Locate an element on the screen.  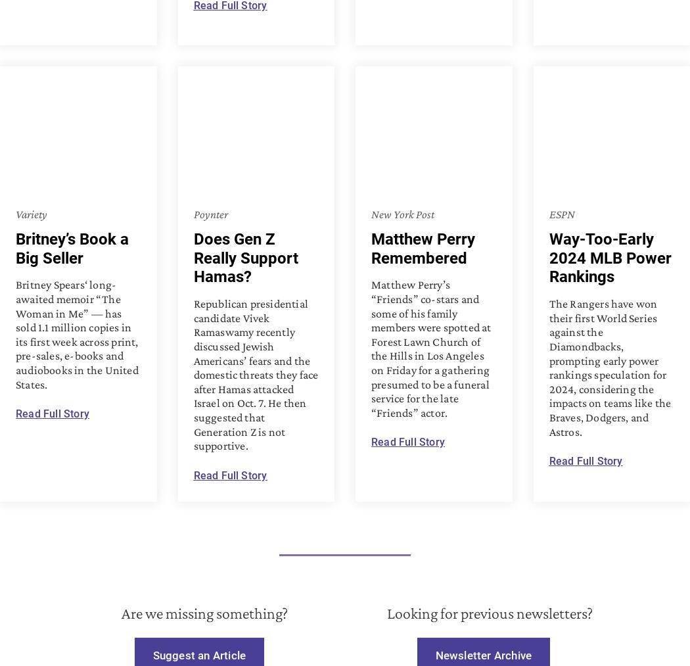
'The Rangers have won their first World Series against the Diamondbacks, prompting early power rankings speculation for 2024, considering the impacts on teams like the Braves, Dodgers, and Astros.' is located at coordinates (609, 367).